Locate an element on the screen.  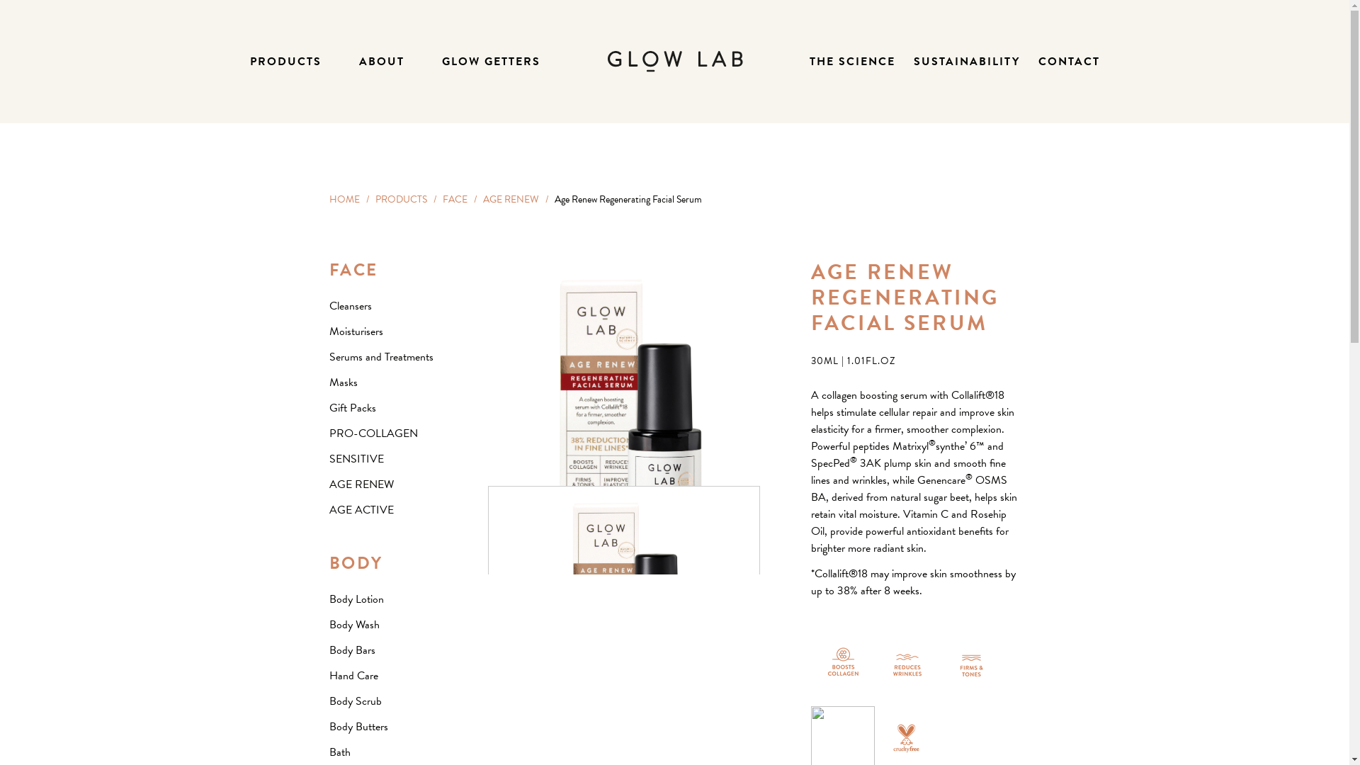
'PRO-COLLAGEN' is located at coordinates (328, 433).